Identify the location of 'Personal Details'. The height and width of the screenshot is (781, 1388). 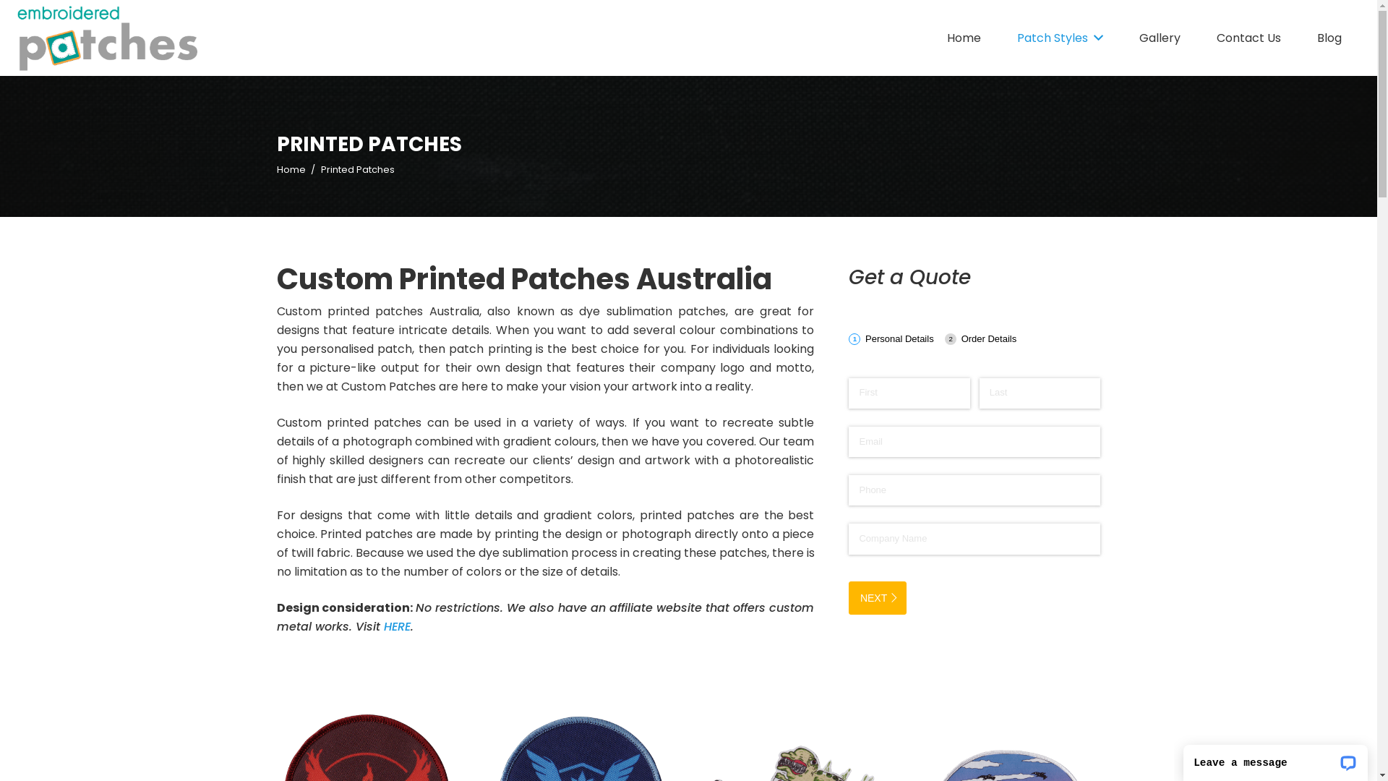
(894, 338).